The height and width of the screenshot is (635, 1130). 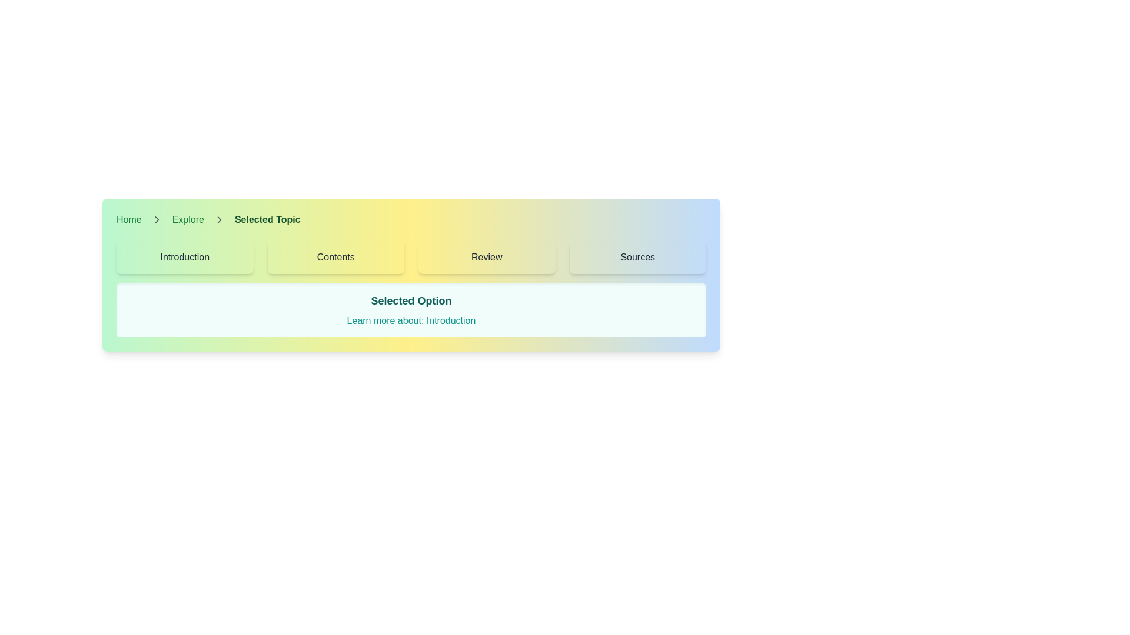 I want to click on the 'Introduction' text label, which indicates a selection option in the interface for viewing details about the section, positioned first from the left among similar options, so click(x=184, y=257).